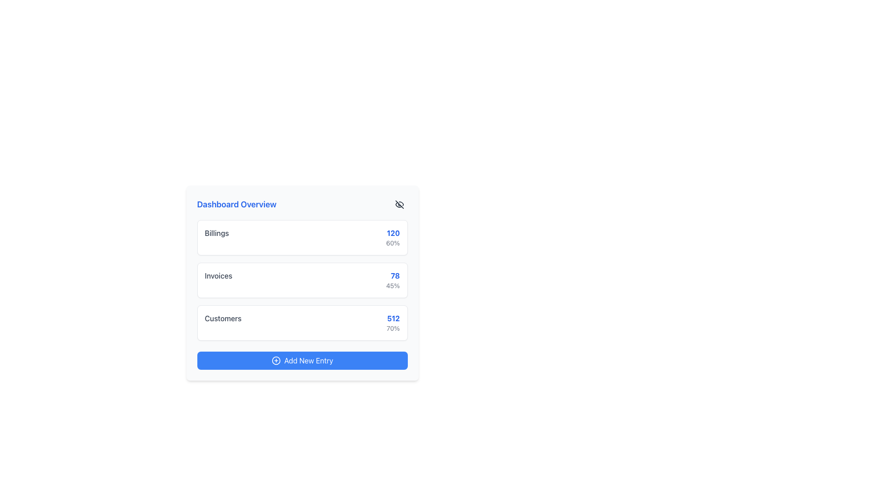 The width and height of the screenshot is (871, 490). What do you see at coordinates (393, 328) in the screenshot?
I see `text displaying '70%' located below the bold blue number '512' in the 'Customers' row of the Dashboard Overview` at bounding box center [393, 328].